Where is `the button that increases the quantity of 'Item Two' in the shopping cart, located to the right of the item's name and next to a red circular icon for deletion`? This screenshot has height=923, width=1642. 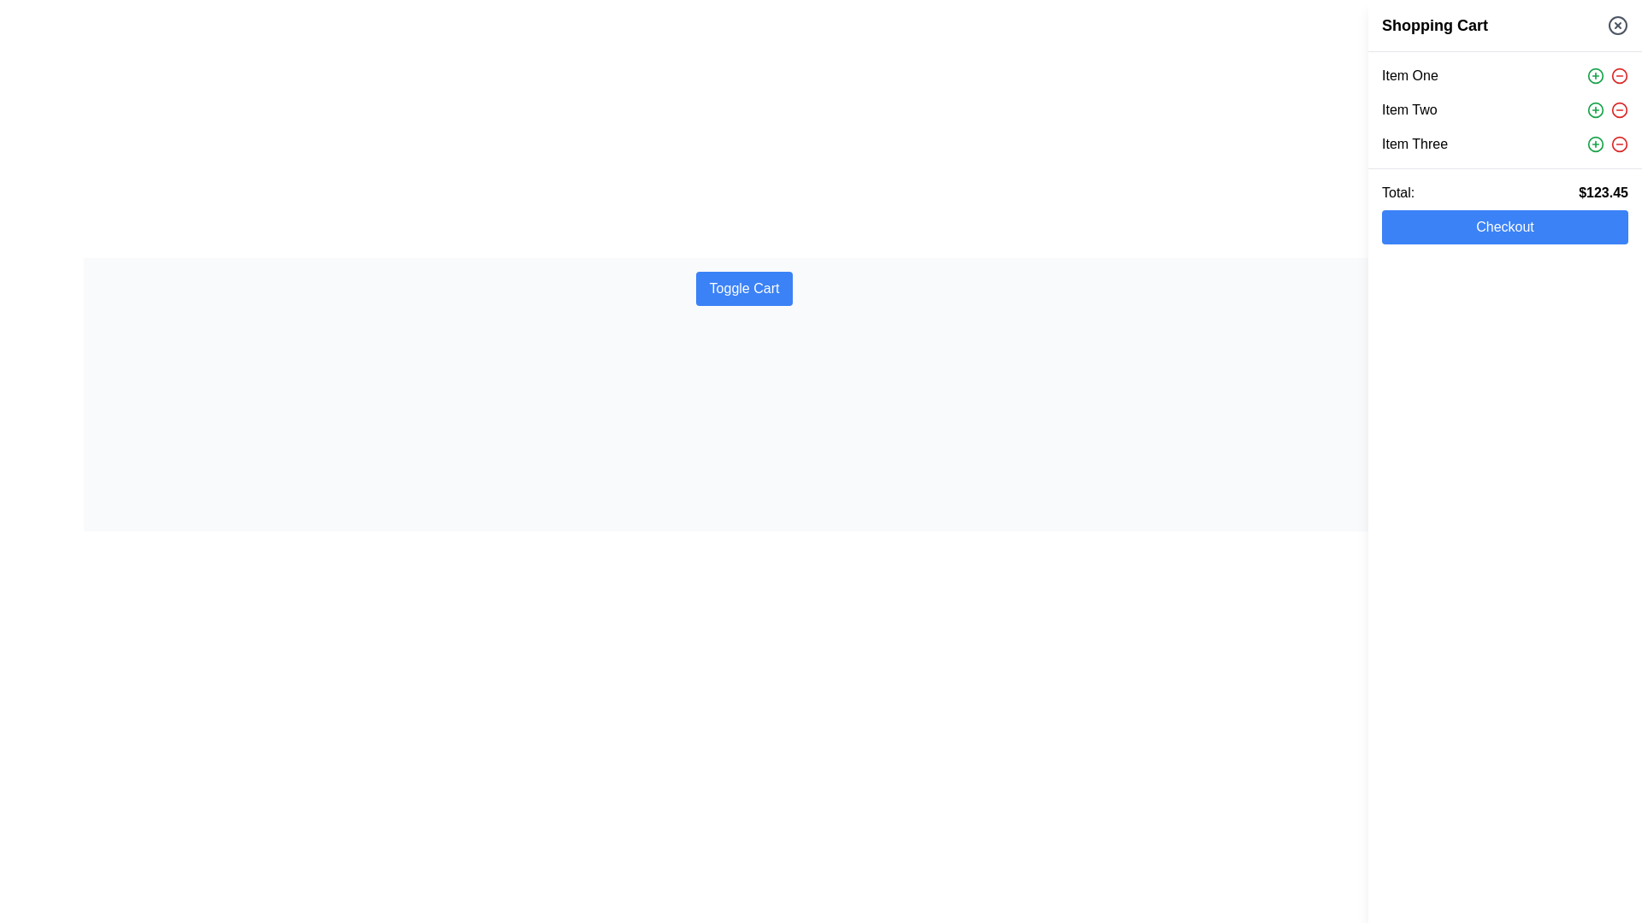 the button that increases the quantity of 'Item Two' in the shopping cart, located to the right of the item's name and next to a red circular icon for deletion is located at coordinates (1595, 109).